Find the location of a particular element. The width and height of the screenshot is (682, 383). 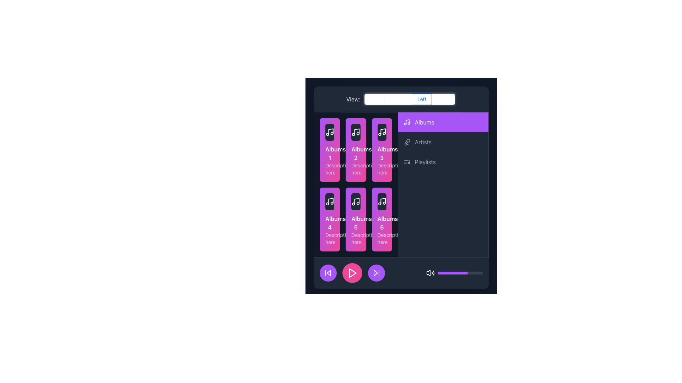

the text label that serves as the title for the album, positioned above the 'Description here' text is located at coordinates (329, 153).